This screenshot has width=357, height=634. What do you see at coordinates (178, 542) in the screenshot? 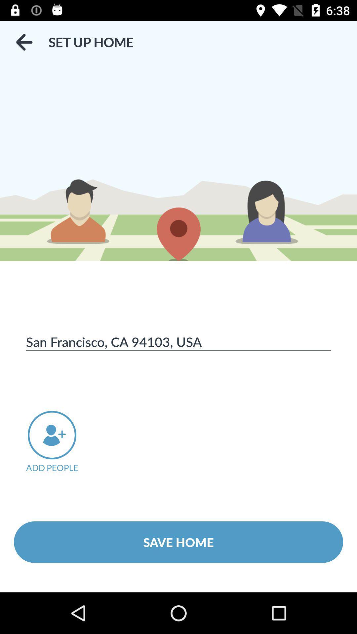
I see `the save home icon` at bounding box center [178, 542].